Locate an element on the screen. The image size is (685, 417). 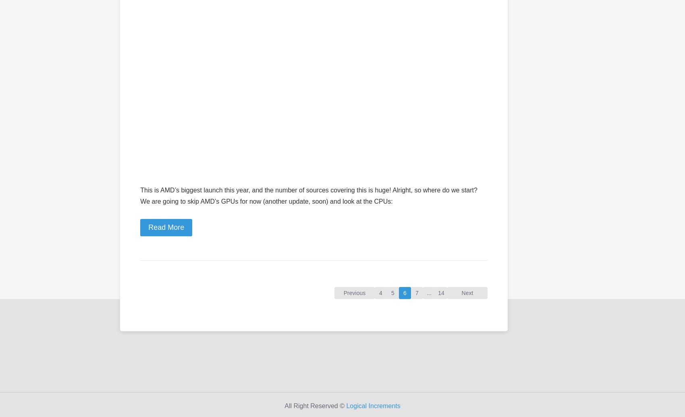
'Read More' is located at coordinates (148, 227).